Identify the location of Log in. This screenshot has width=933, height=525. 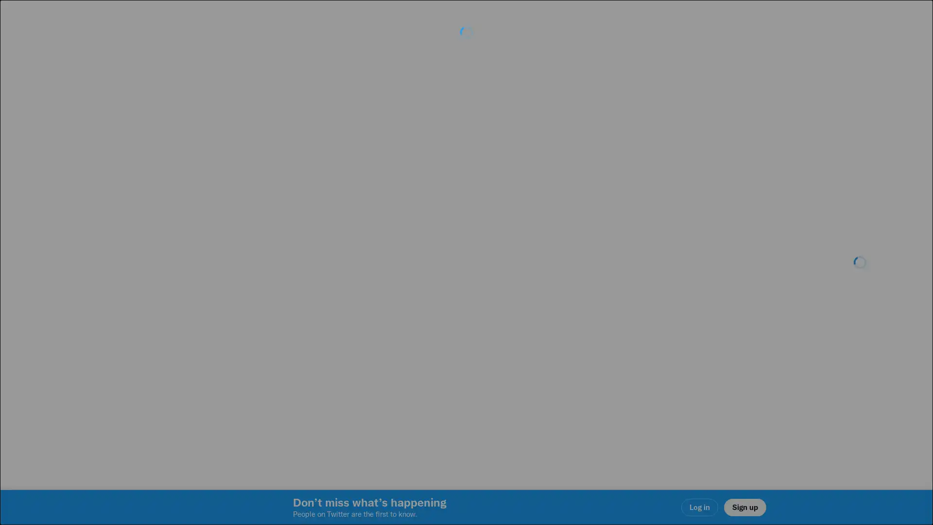
(583, 331).